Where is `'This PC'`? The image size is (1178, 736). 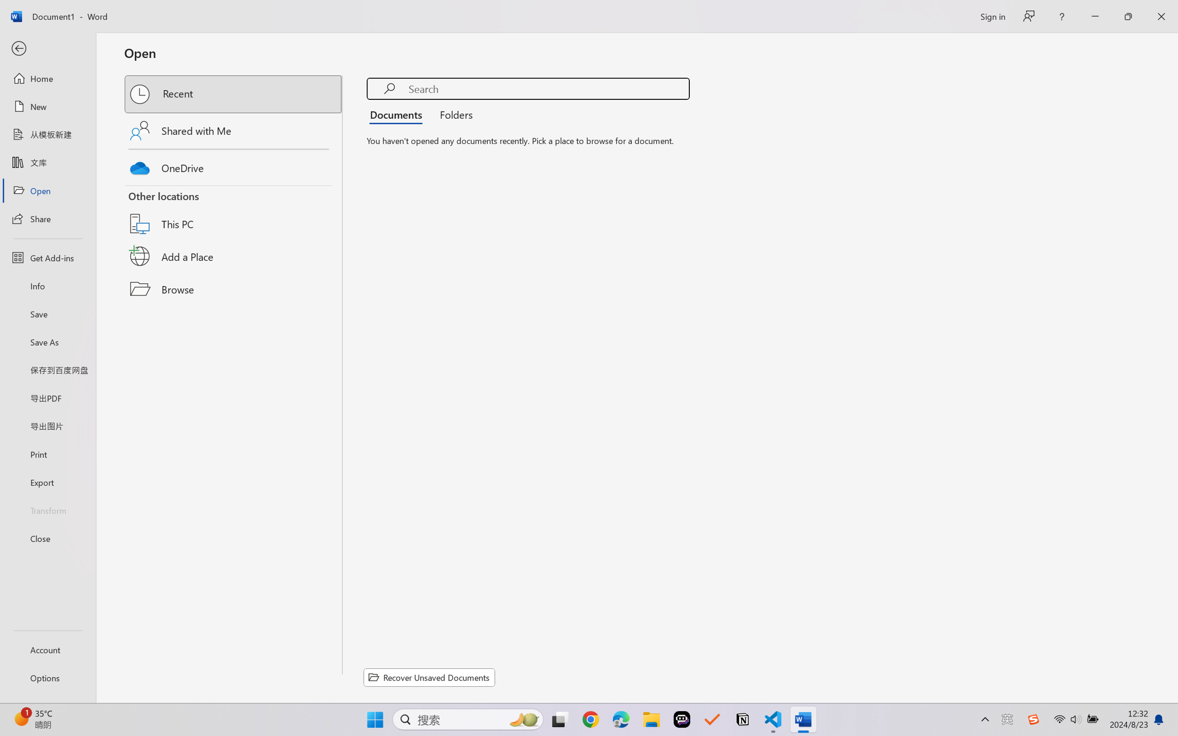
'This PC' is located at coordinates (234, 212).